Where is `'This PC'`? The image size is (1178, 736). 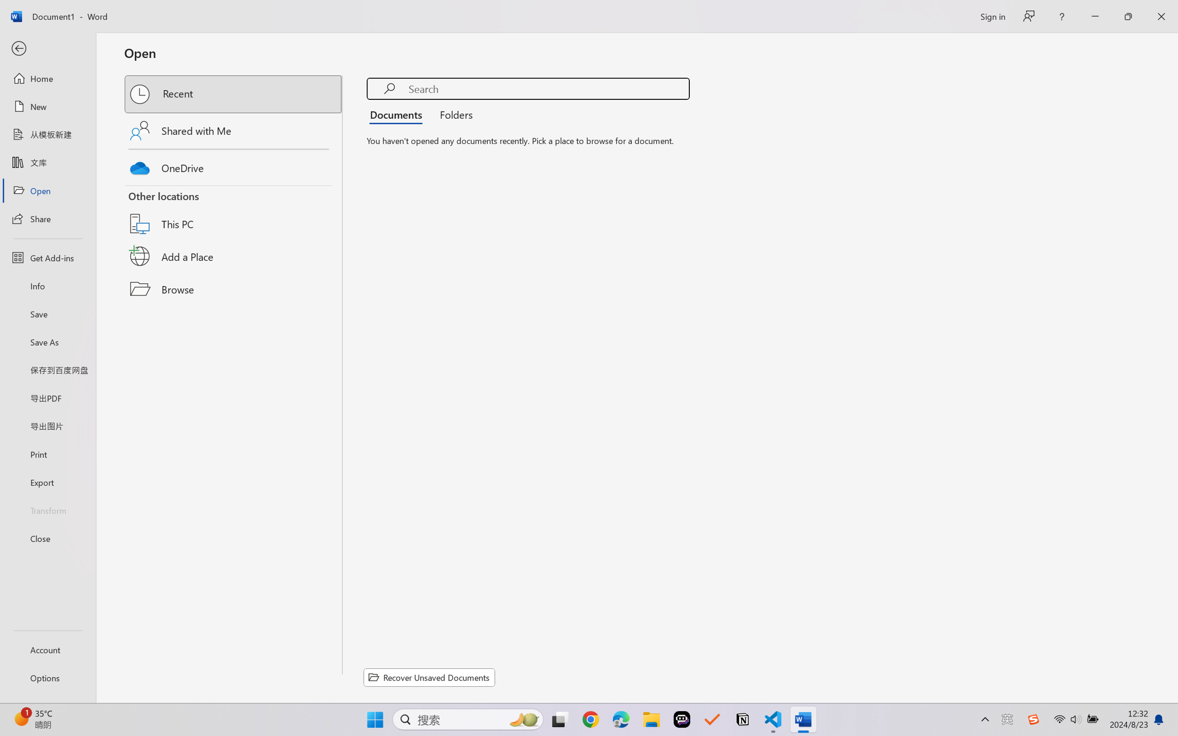
'This PC' is located at coordinates (234, 212).